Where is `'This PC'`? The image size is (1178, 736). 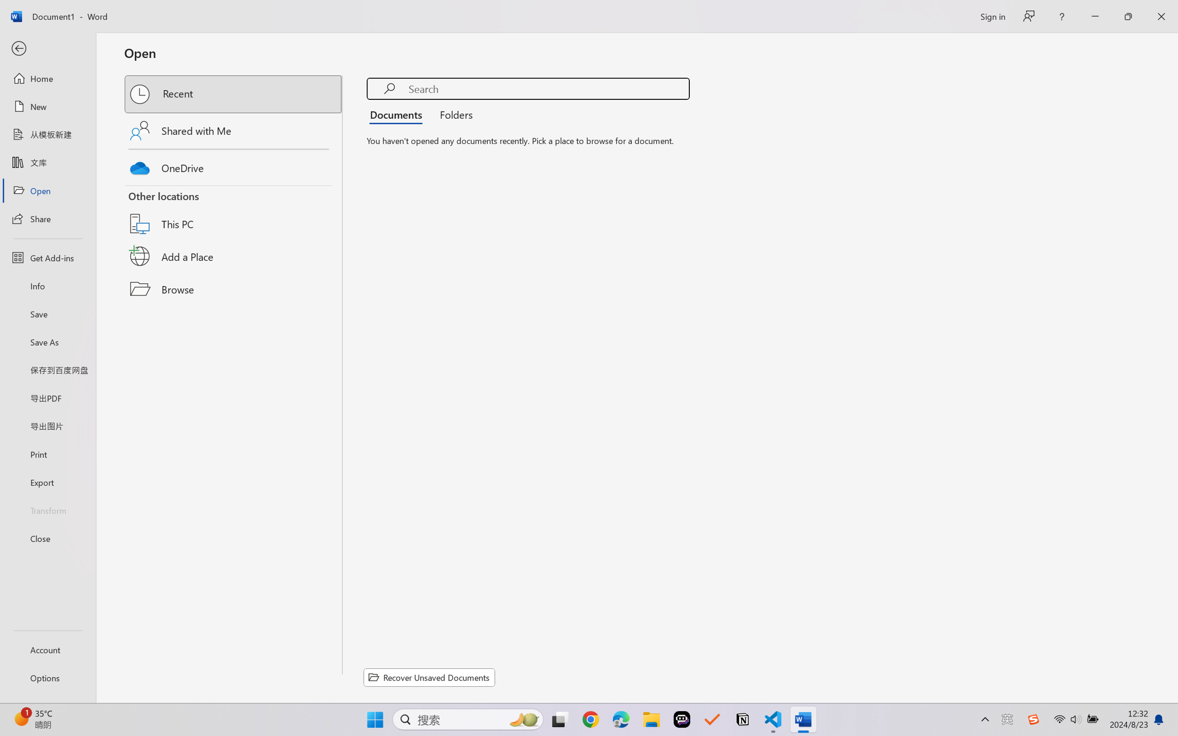
'This PC' is located at coordinates (234, 212).